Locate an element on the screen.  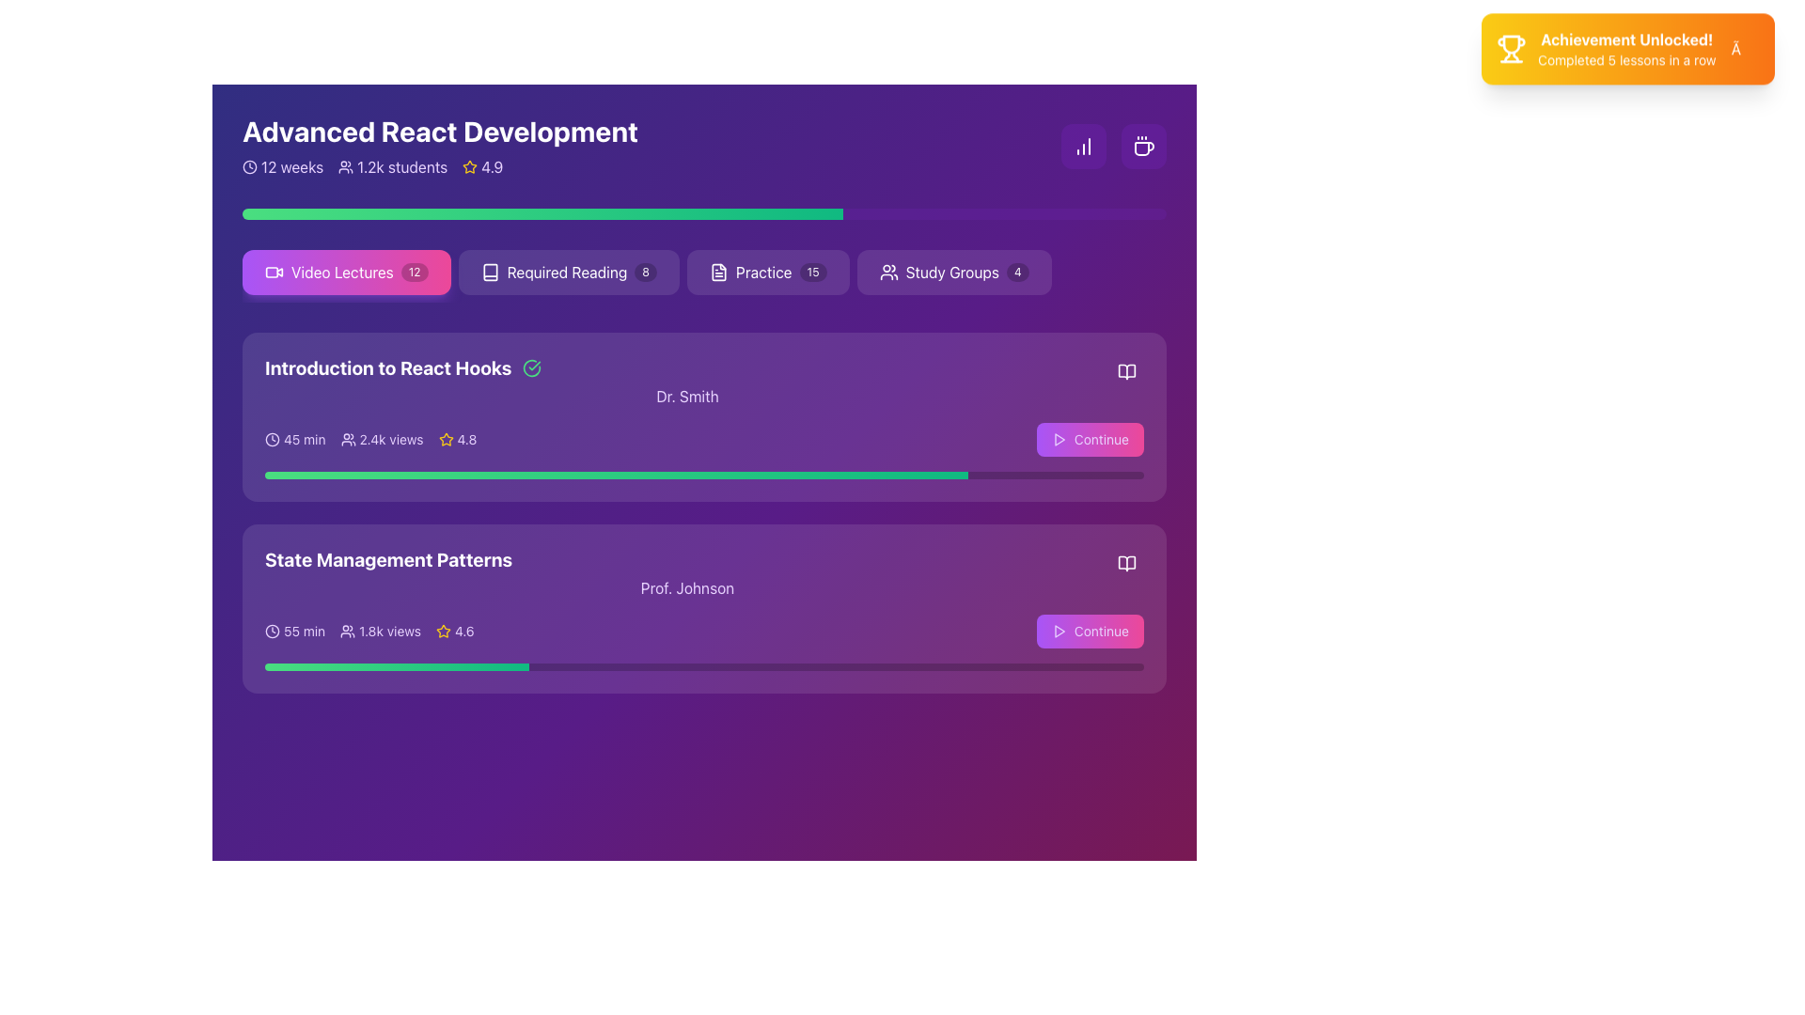
the small rectangular open book icon with a white outline on a purple background located at the top-right corner of the card labeled 'Introduction to React Hooks' is located at coordinates (1127, 372).